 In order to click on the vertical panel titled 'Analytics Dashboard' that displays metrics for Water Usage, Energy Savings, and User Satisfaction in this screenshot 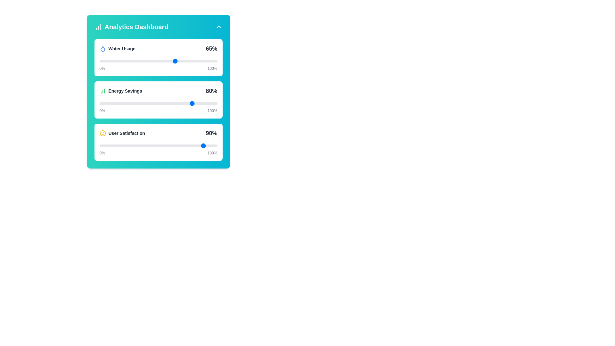, I will do `click(158, 91)`.